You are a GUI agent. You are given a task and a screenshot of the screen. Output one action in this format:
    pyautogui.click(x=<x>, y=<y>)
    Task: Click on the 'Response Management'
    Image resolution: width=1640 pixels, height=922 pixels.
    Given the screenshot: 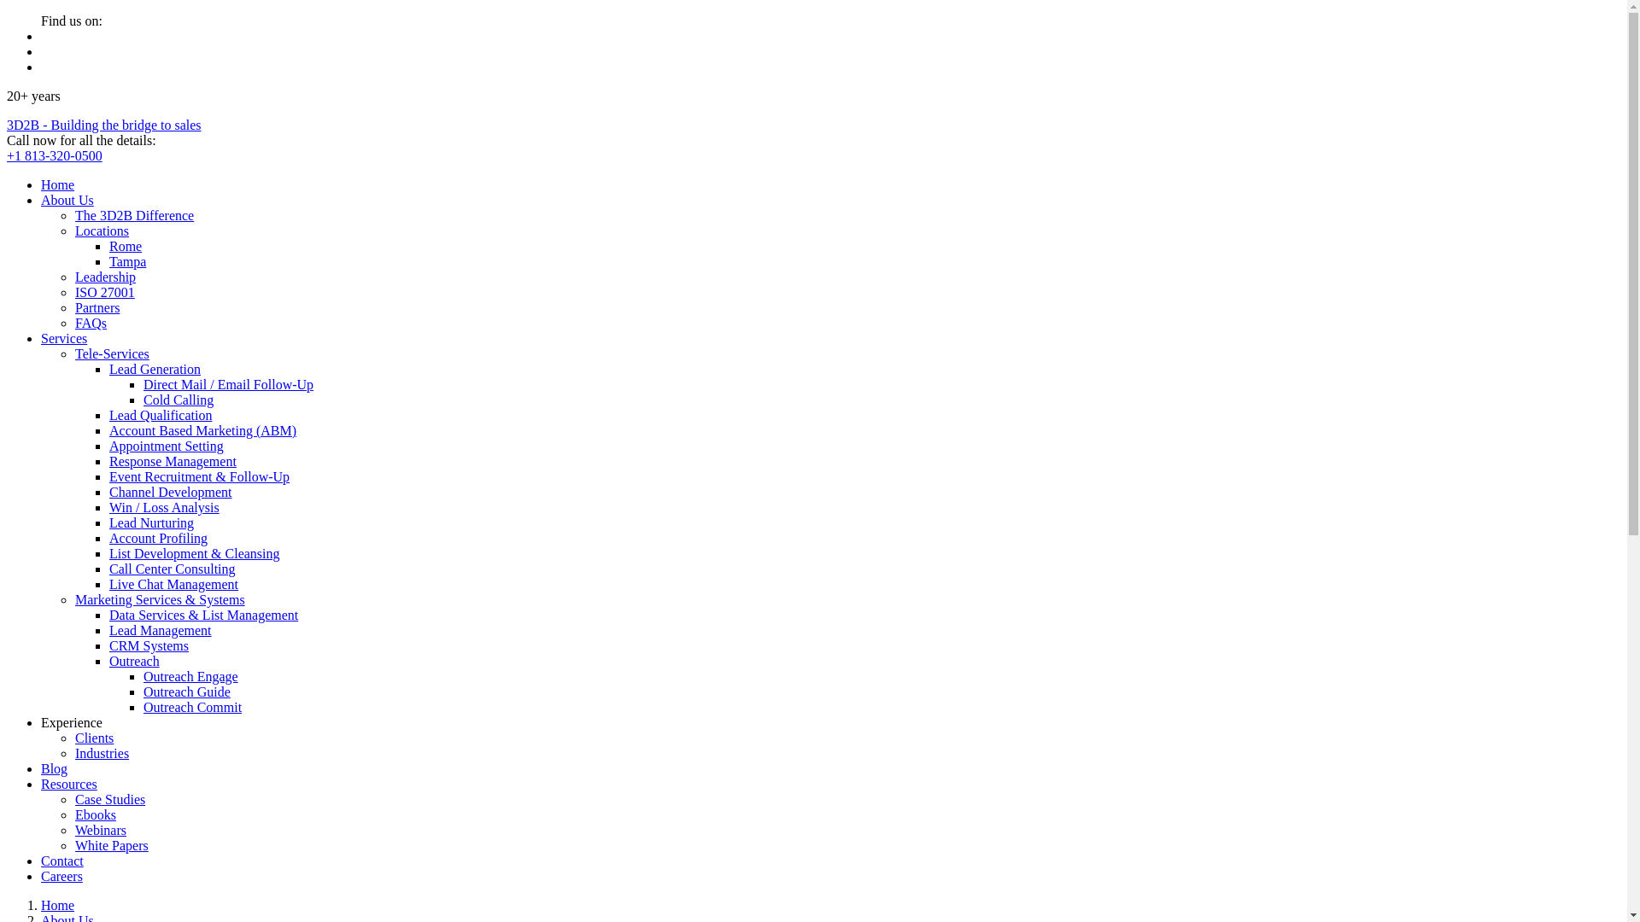 What is the action you would take?
    pyautogui.click(x=173, y=461)
    